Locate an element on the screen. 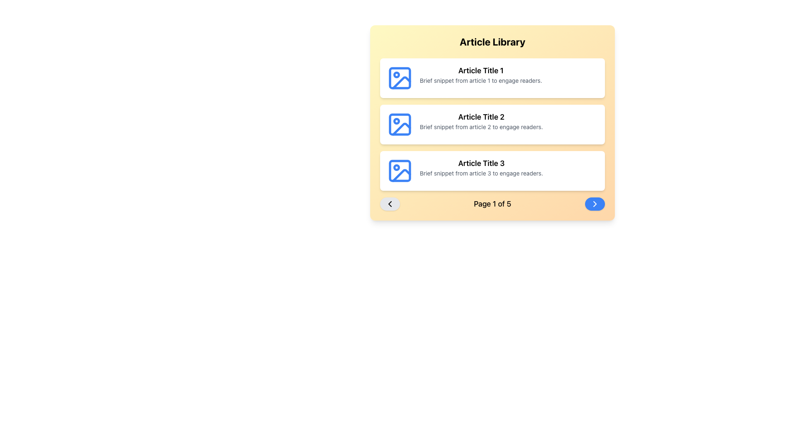 Image resolution: width=795 pixels, height=447 pixels. the SVG graphic icon that represents a thumbnail image for 'Article Title 2', which is located to the left of the text in the second row of articles is located at coordinates (400, 124).